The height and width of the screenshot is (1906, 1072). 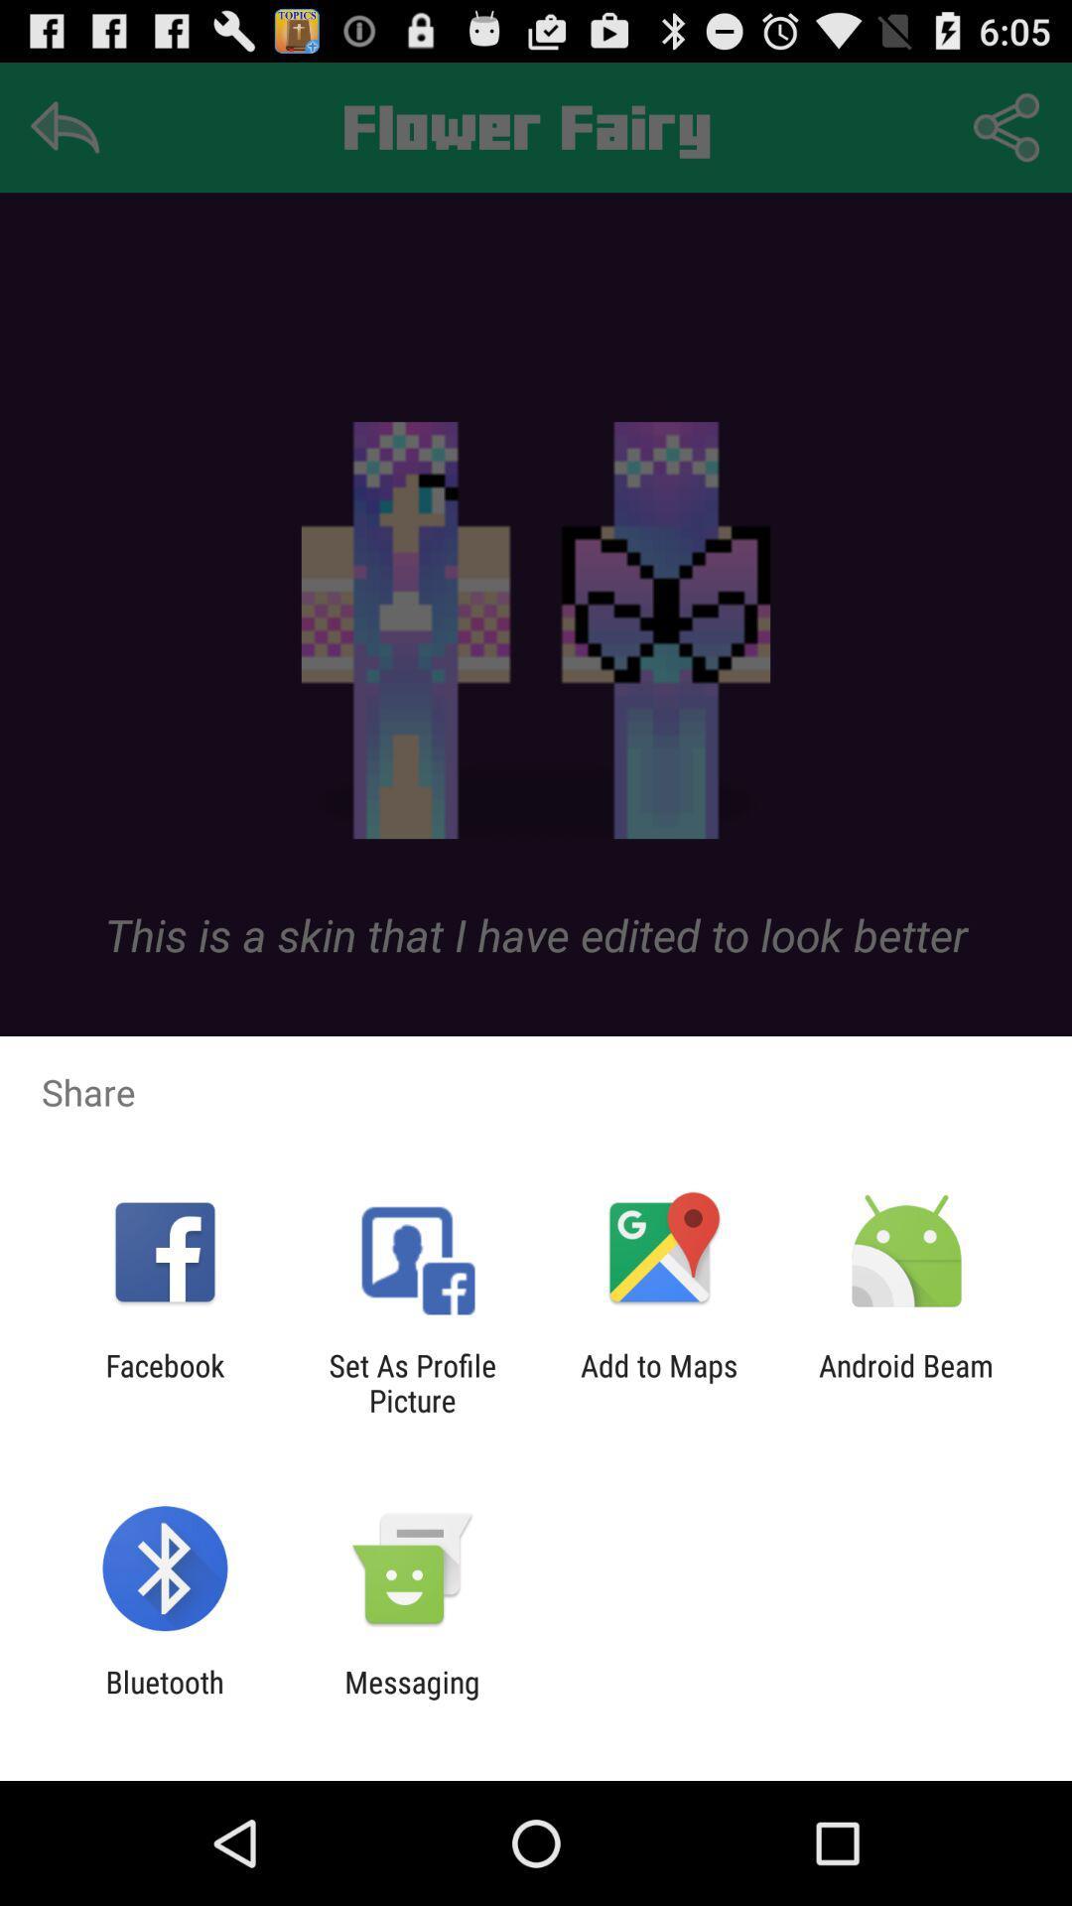 What do you see at coordinates (659, 1382) in the screenshot?
I see `item next to android beam` at bounding box center [659, 1382].